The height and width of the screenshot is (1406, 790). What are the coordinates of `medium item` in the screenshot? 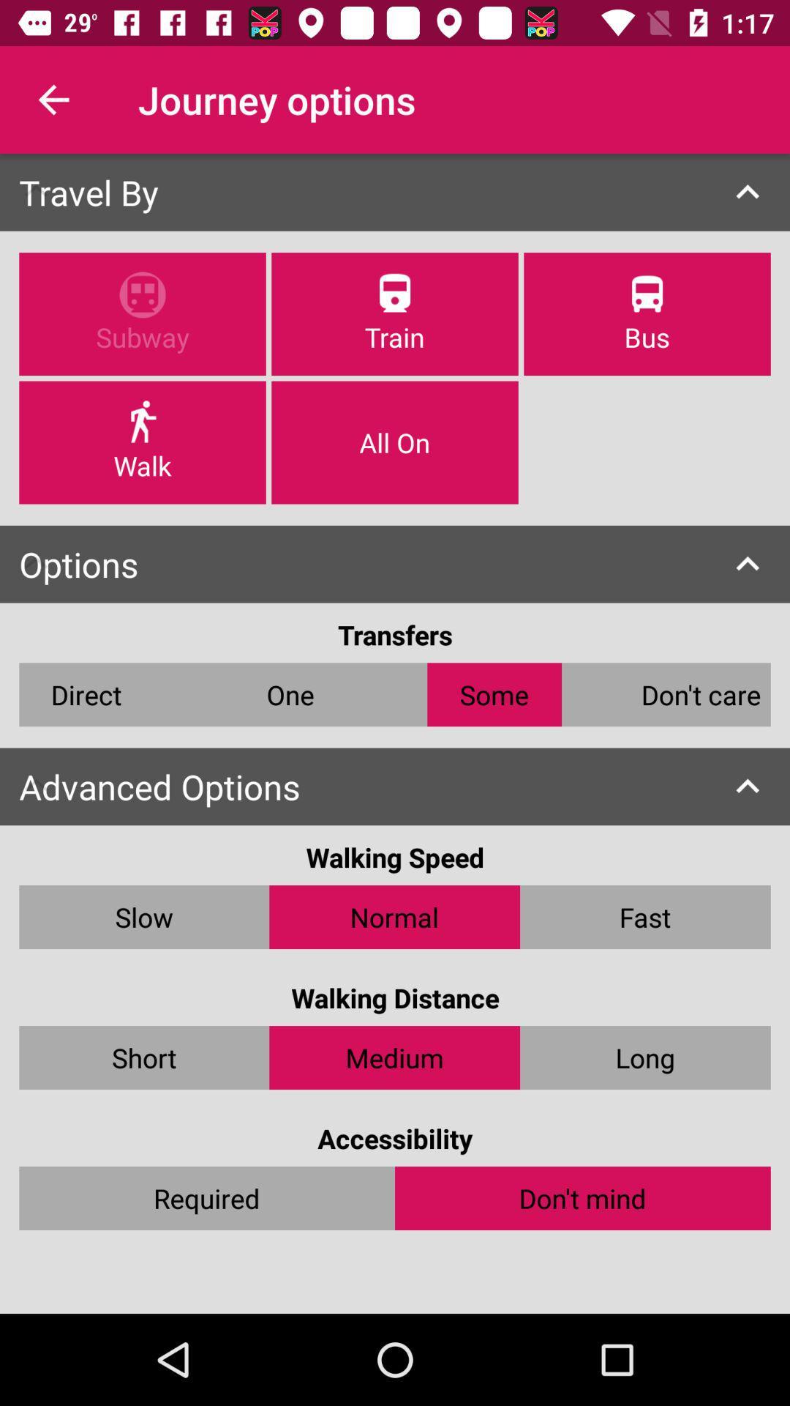 It's located at (394, 1057).